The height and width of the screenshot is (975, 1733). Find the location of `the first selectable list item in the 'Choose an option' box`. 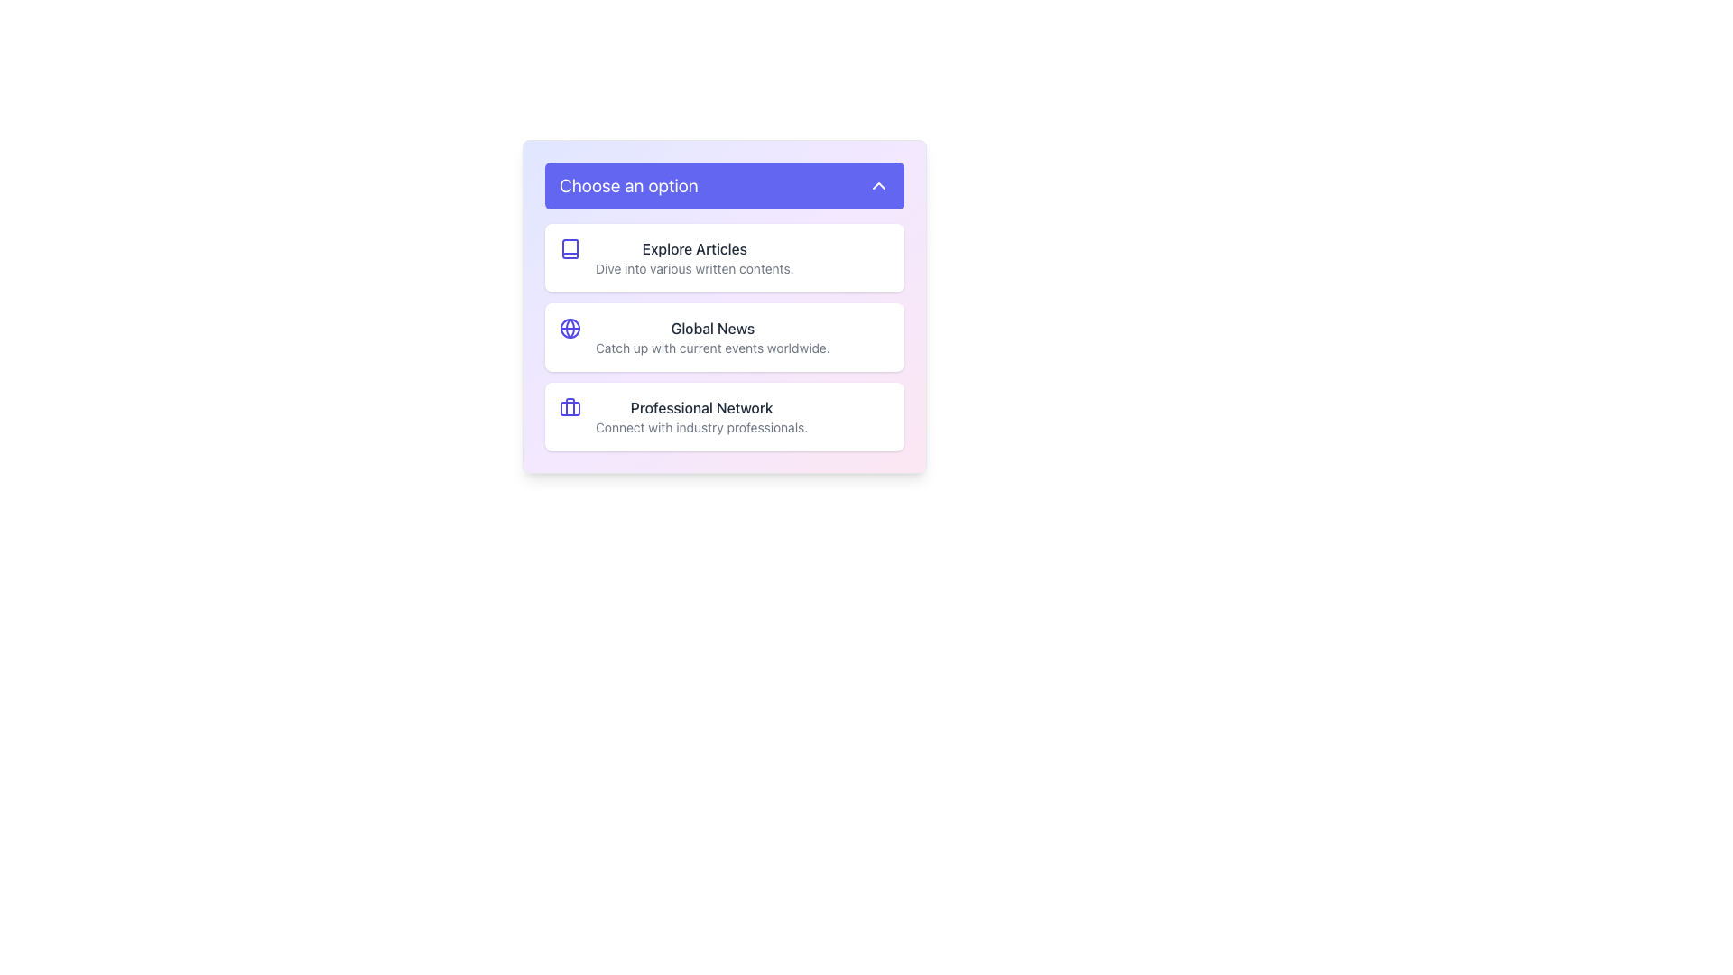

the first selectable list item in the 'Choose an option' box is located at coordinates (724, 257).